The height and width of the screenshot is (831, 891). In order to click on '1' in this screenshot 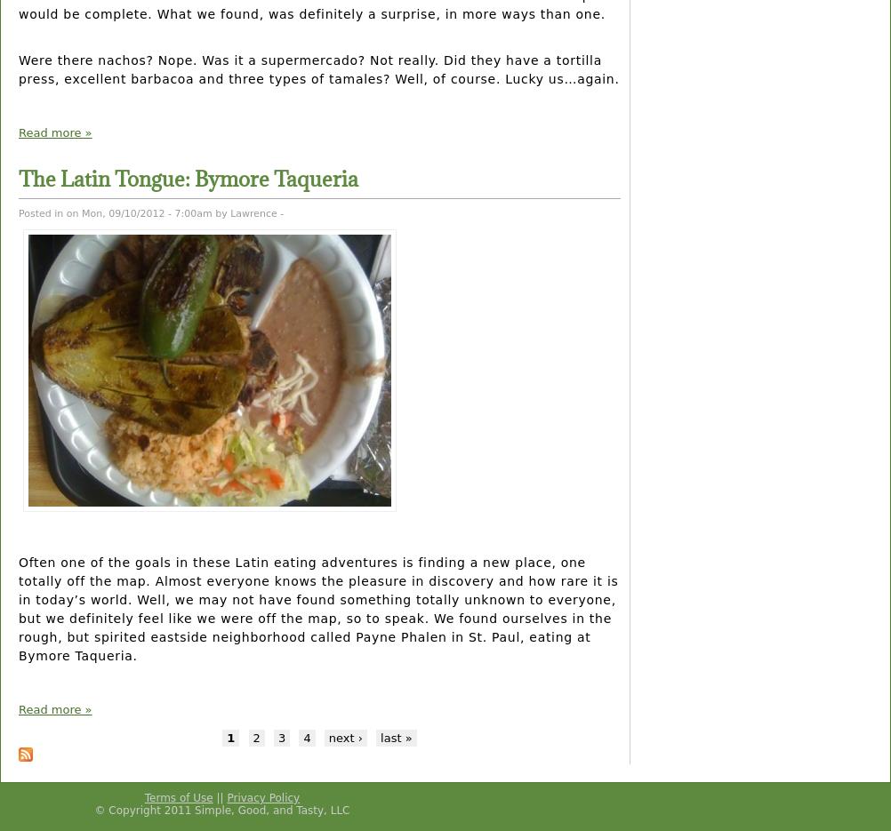, I will do `click(229, 737)`.